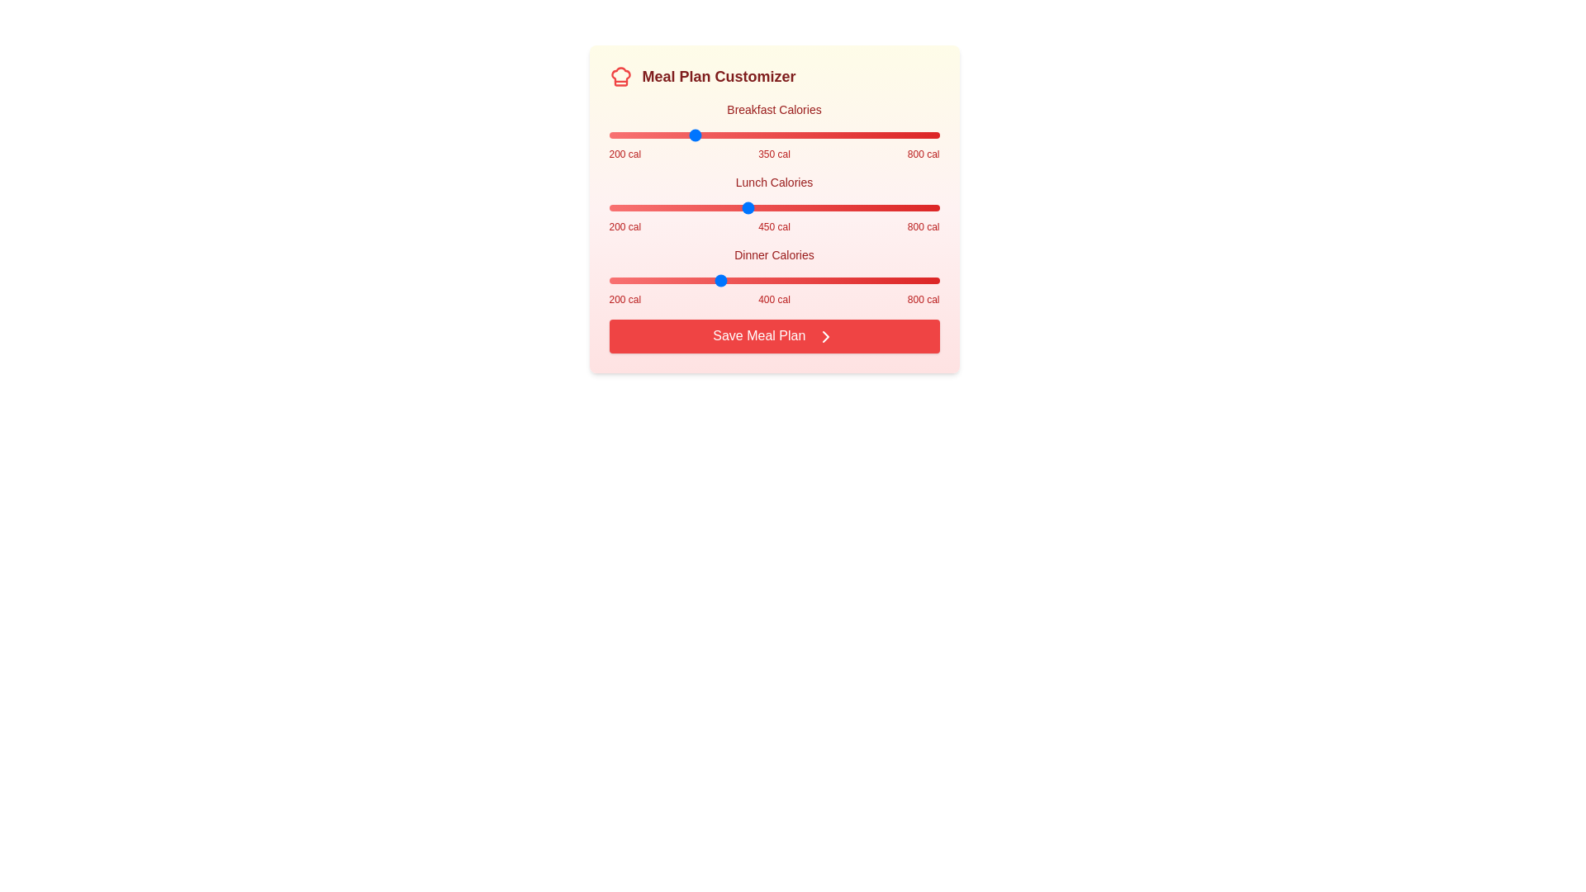  What do you see at coordinates (893, 135) in the screenshot?
I see `the Breakfast Calories slider to 718 calories` at bounding box center [893, 135].